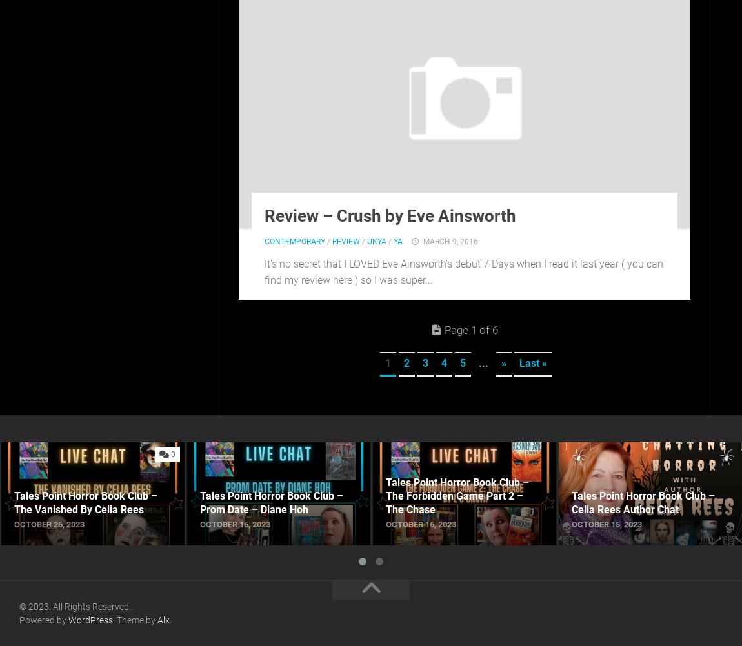 Image resolution: width=742 pixels, height=646 pixels. What do you see at coordinates (74, 605) in the screenshot?
I see `'© 2023. All Rights Reserved.'` at bounding box center [74, 605].